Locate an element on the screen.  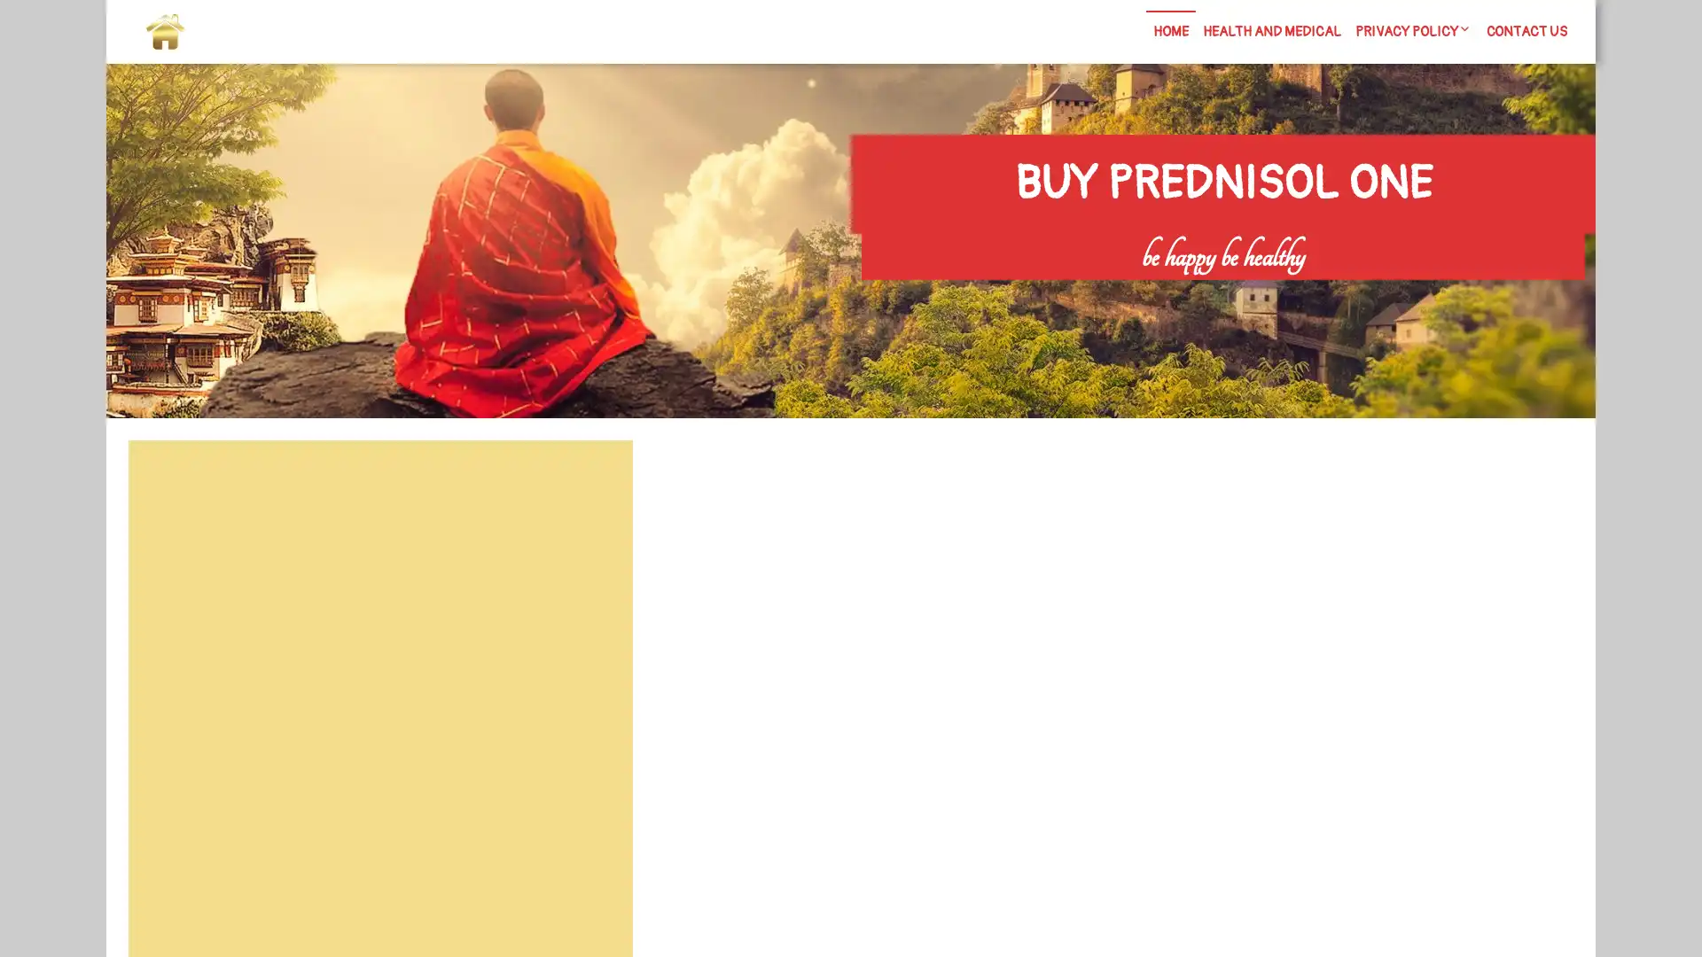
Search is located at coordinates (591, 483).